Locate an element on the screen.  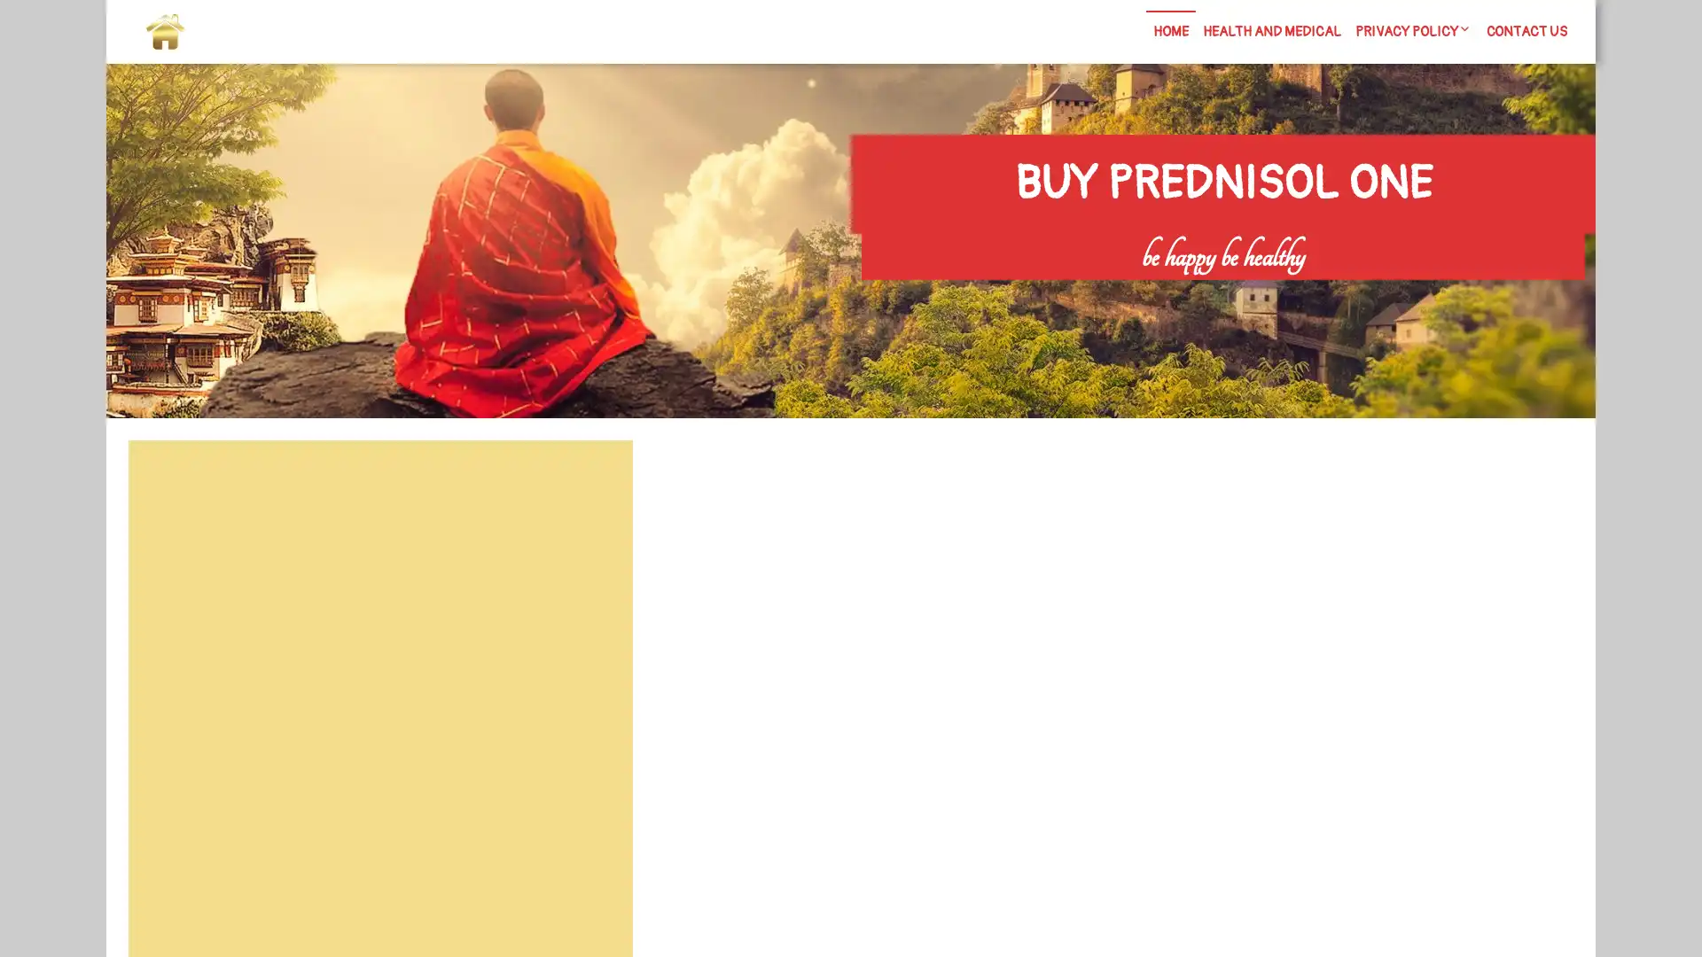
Search is located at coordinates (591, 483).